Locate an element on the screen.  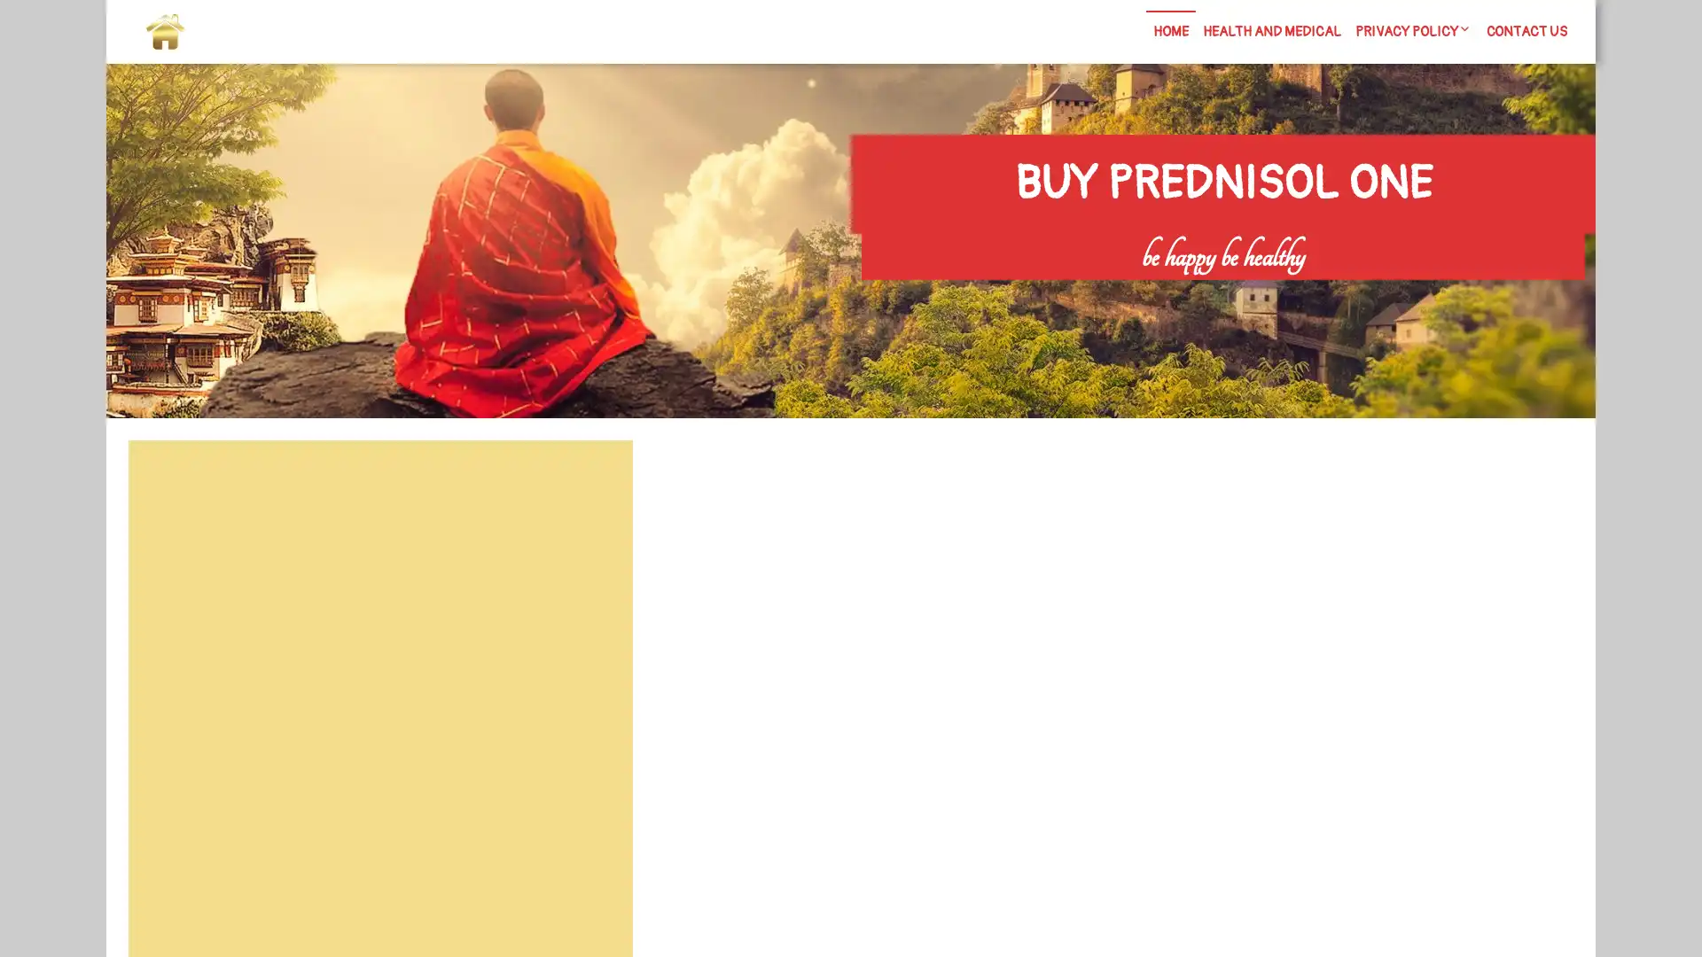
Search is located at coordinates (591, 483).